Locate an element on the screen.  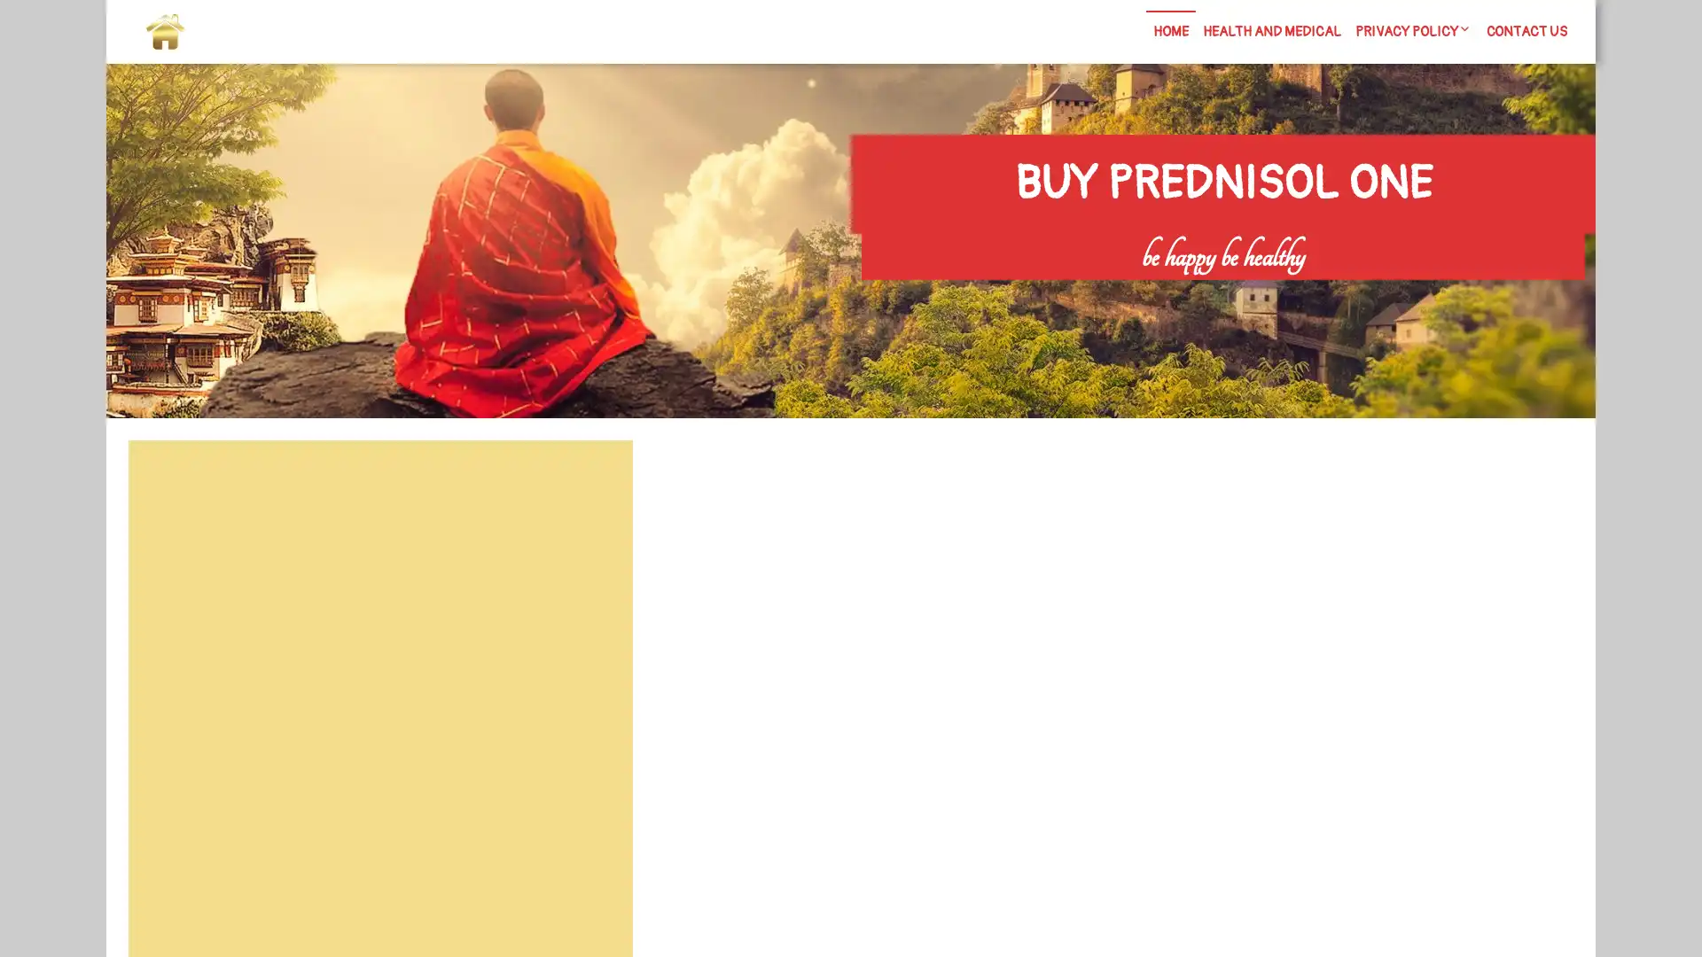
Search is located at coordinates (591, 483).